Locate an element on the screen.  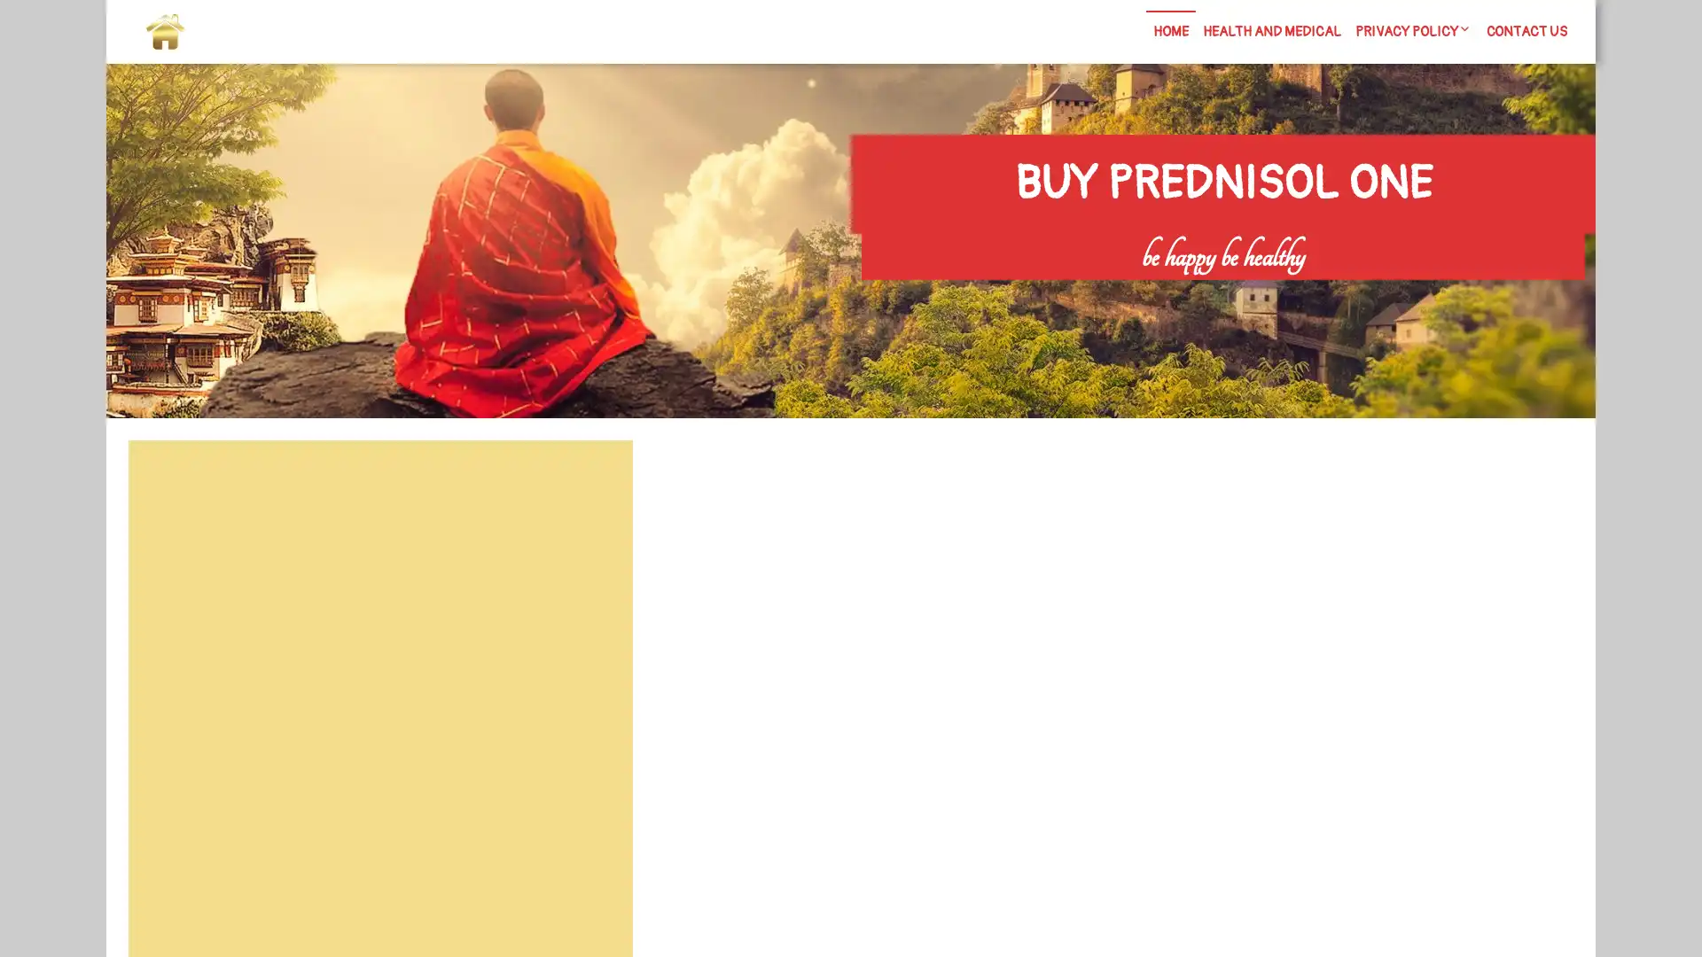
Search is located at coordinates (591, 483).